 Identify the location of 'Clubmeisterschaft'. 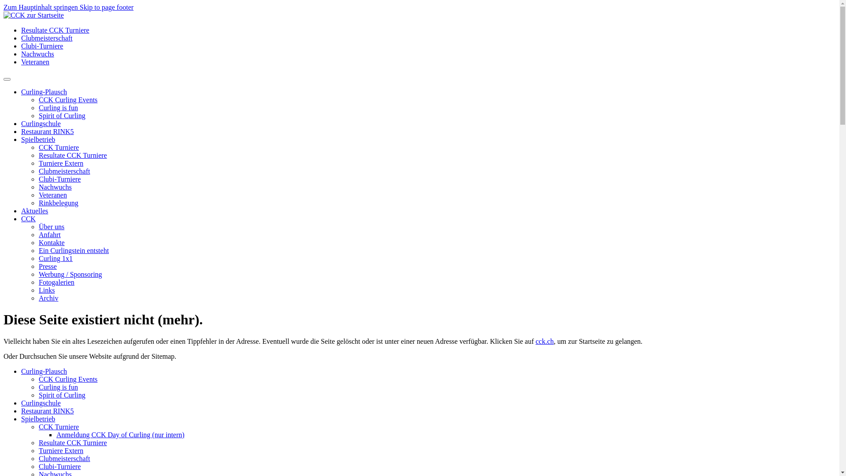
(46, 37).